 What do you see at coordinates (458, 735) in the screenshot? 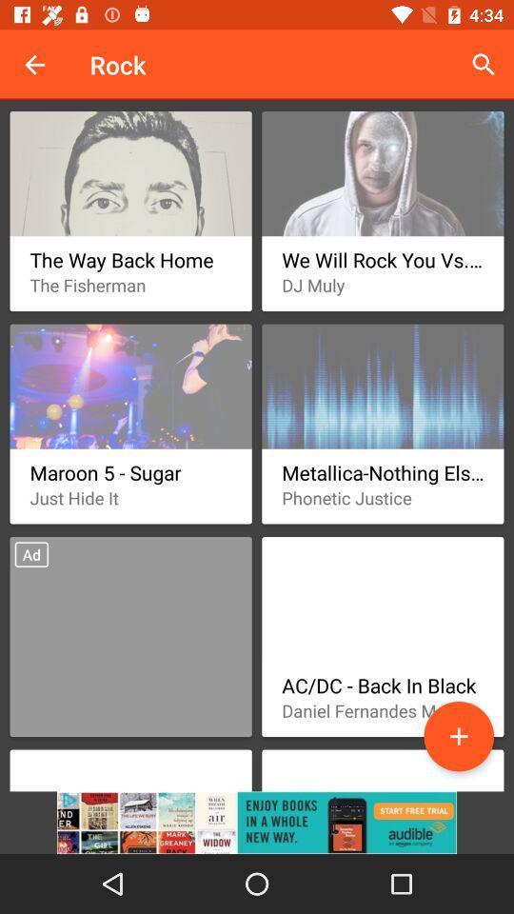
I see `the app` at bounding box center [458, 735].